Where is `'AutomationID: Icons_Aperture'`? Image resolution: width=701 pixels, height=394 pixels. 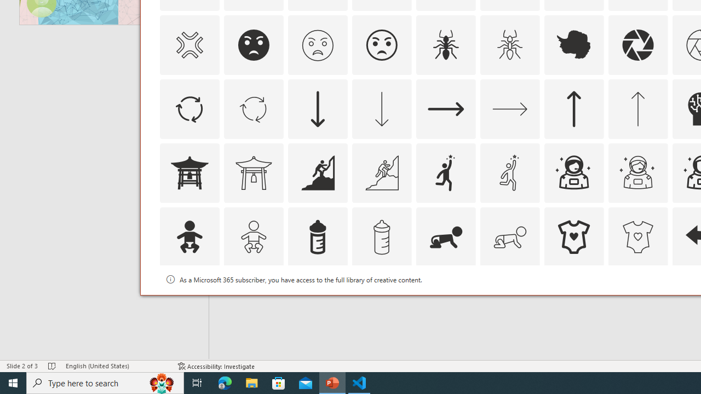
'AutomationID: Icons_Aperture' is located at coordinates (637, 44).